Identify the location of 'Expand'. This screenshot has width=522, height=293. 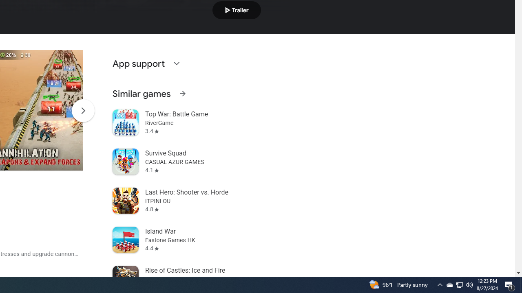
(176, 63).